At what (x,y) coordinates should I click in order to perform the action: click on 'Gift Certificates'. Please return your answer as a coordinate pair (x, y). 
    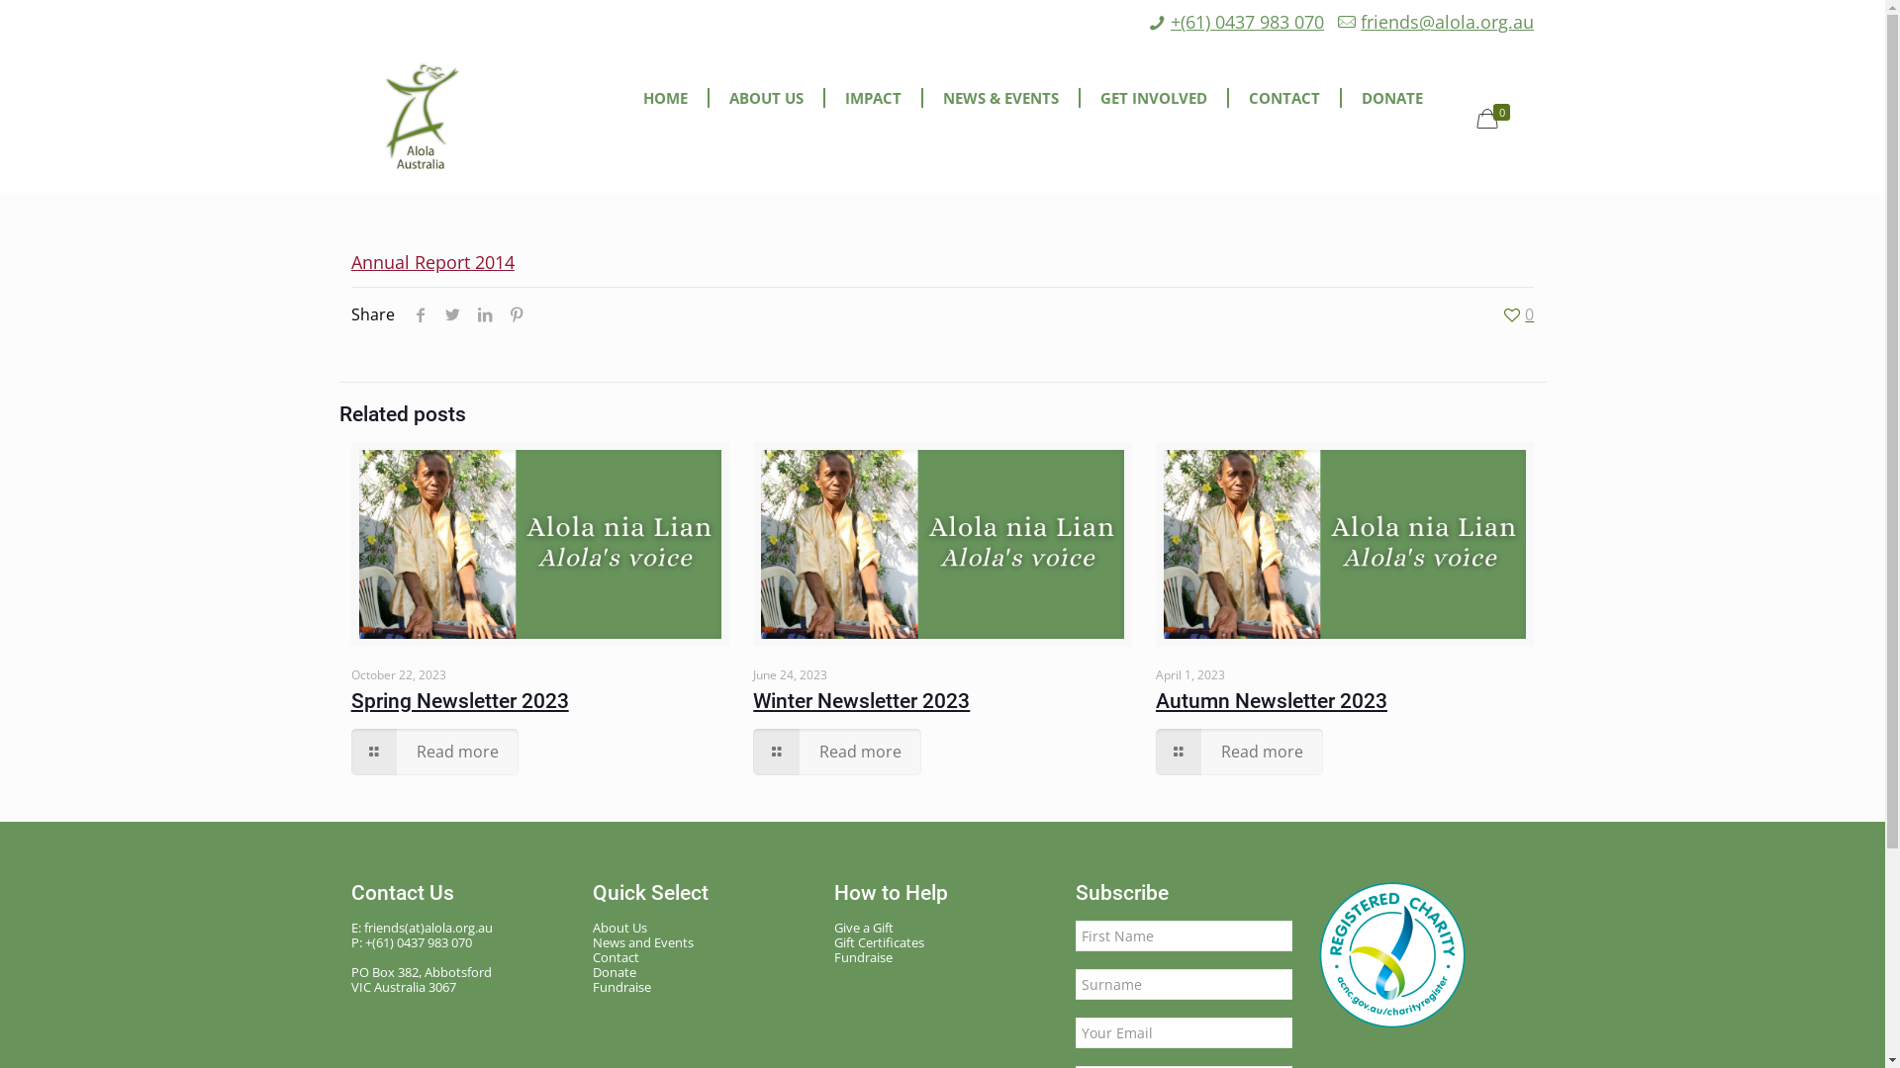
    Looking at the image, I should click on (834, 941).